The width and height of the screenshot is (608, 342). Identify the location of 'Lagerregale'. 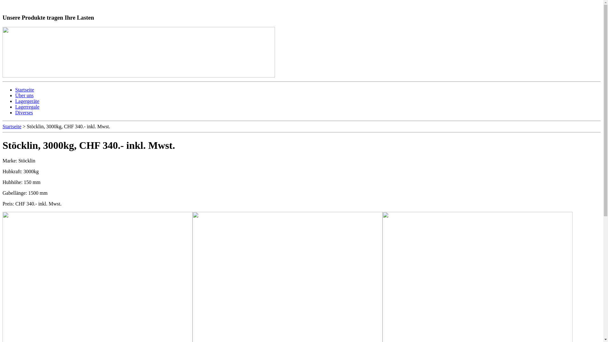
(15, 106).